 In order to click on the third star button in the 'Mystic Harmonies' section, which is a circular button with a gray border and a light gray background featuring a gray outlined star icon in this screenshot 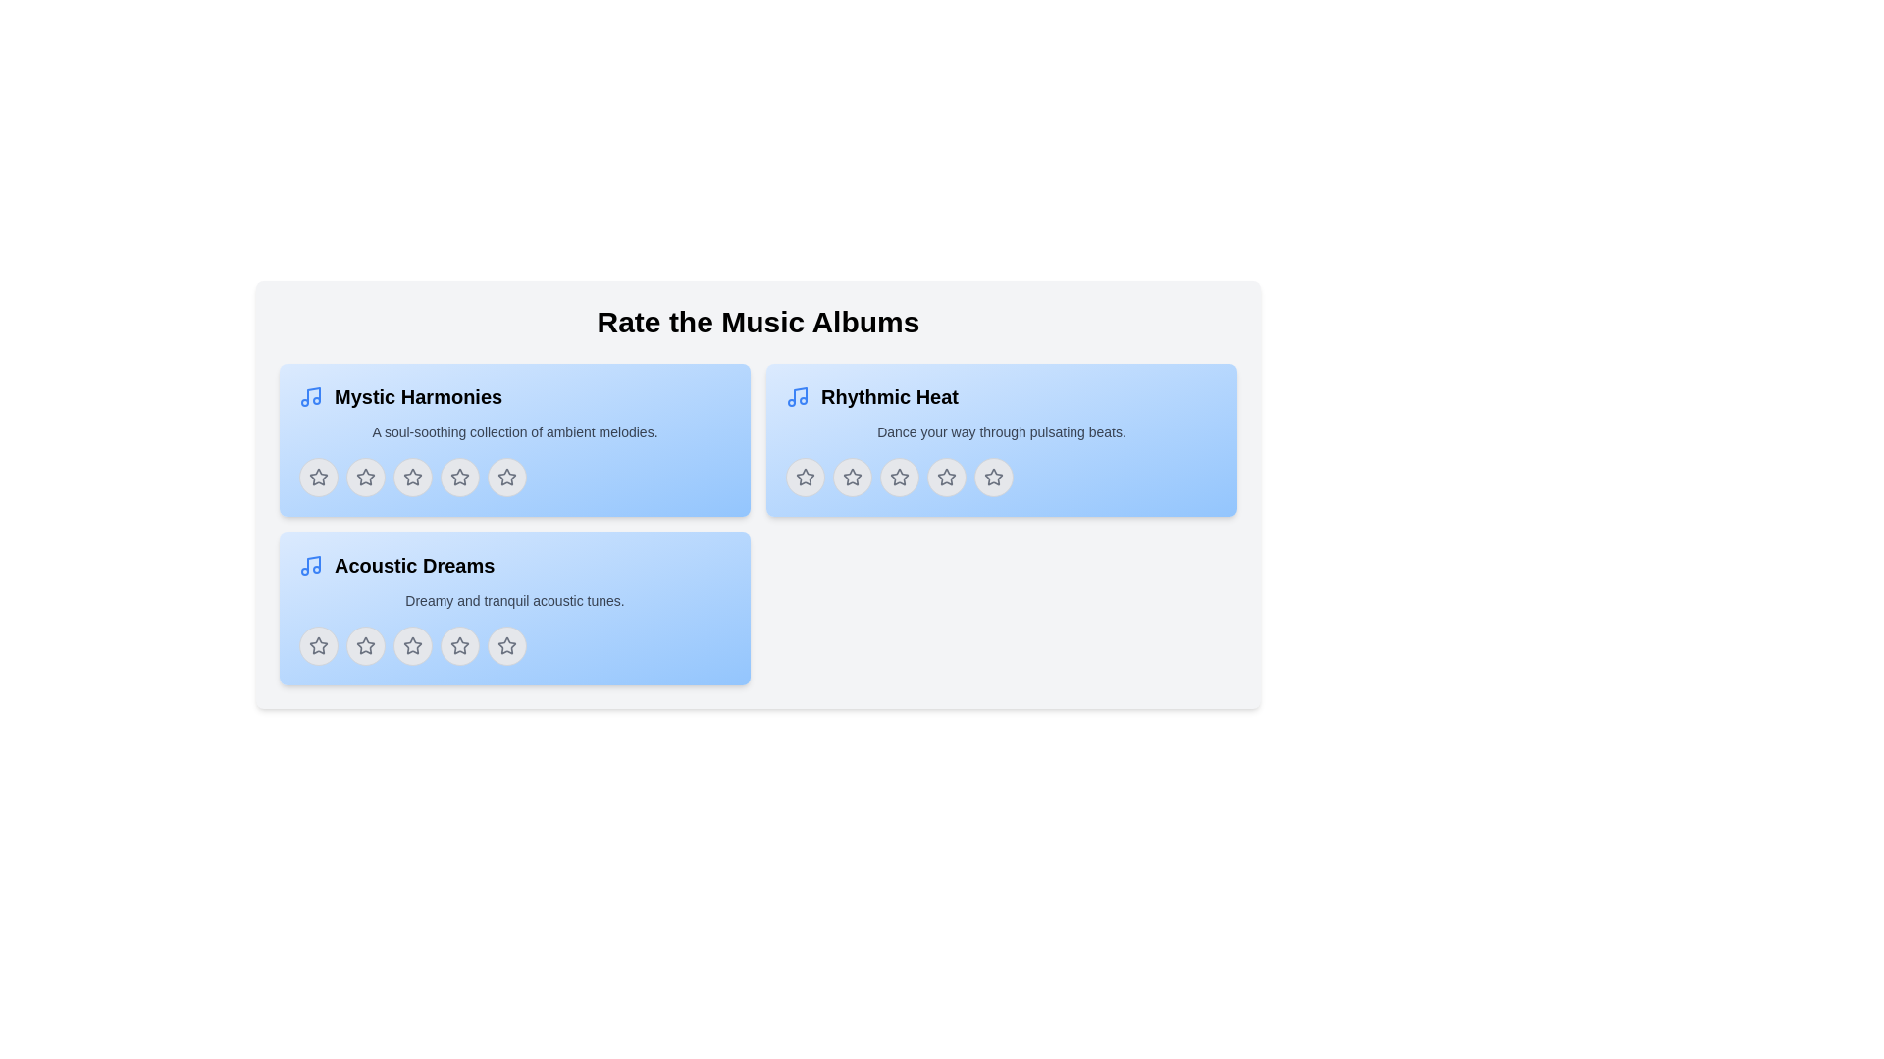, I will do `click(412, 477)`.